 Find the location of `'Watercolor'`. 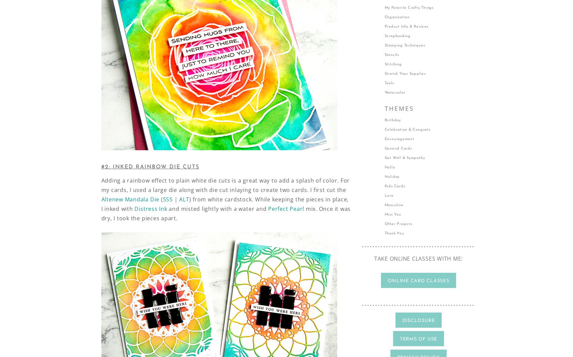

'Watercolor' is located at coordinates (394, 93).